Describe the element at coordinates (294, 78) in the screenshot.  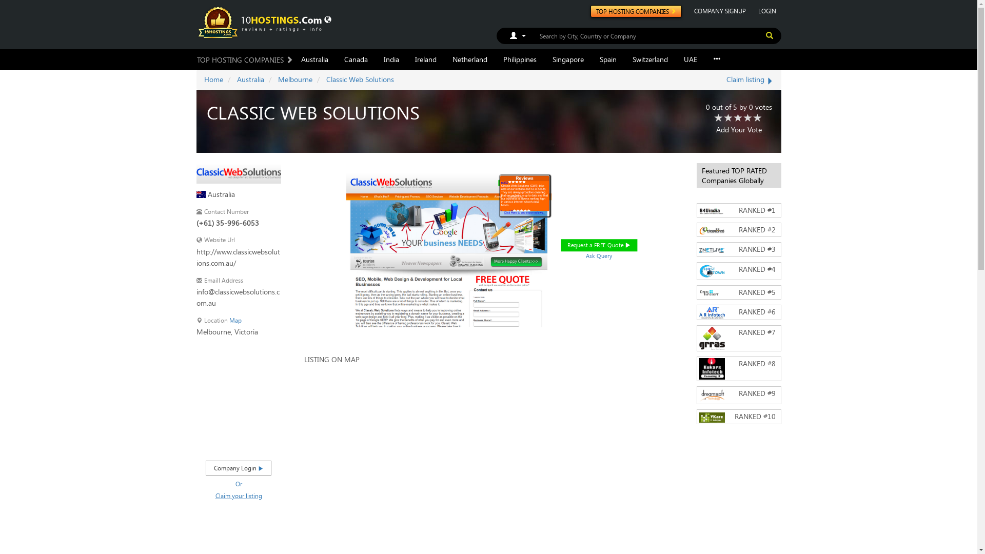
I see `'Melbourne'` at that location.